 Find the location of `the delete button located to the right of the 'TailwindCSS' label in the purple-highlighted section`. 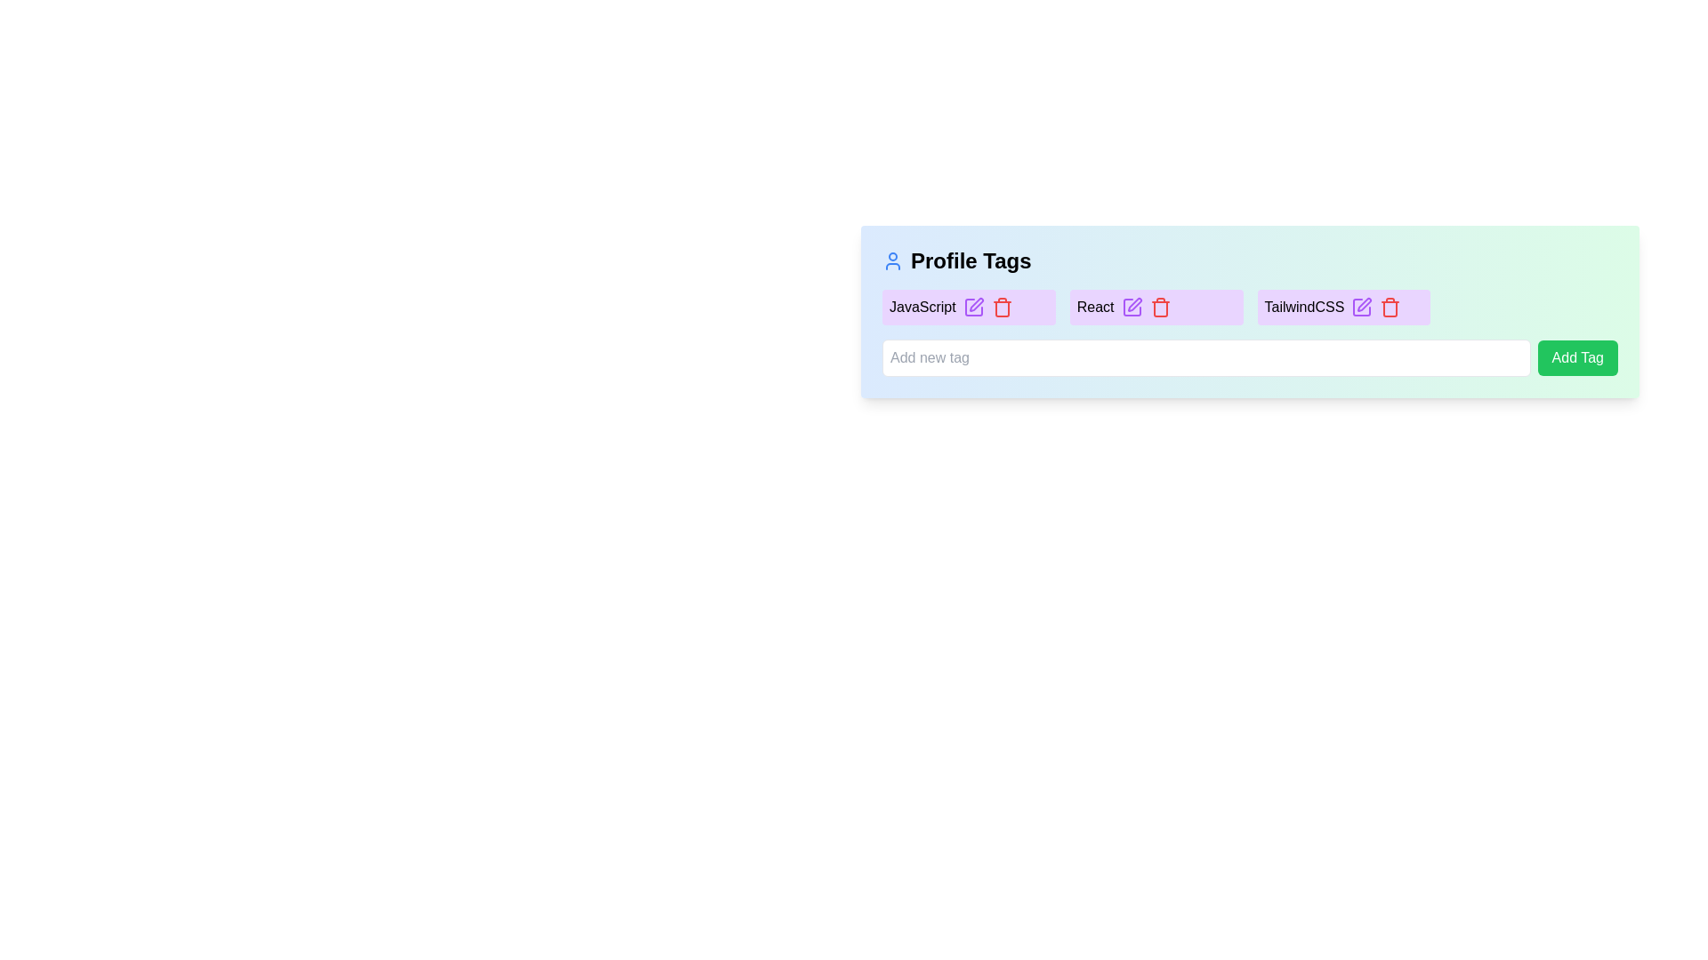

the delete button located to the right of the 'TailwindCSS' label in the purple-highlighted section is located at coordinates (1390, 307).